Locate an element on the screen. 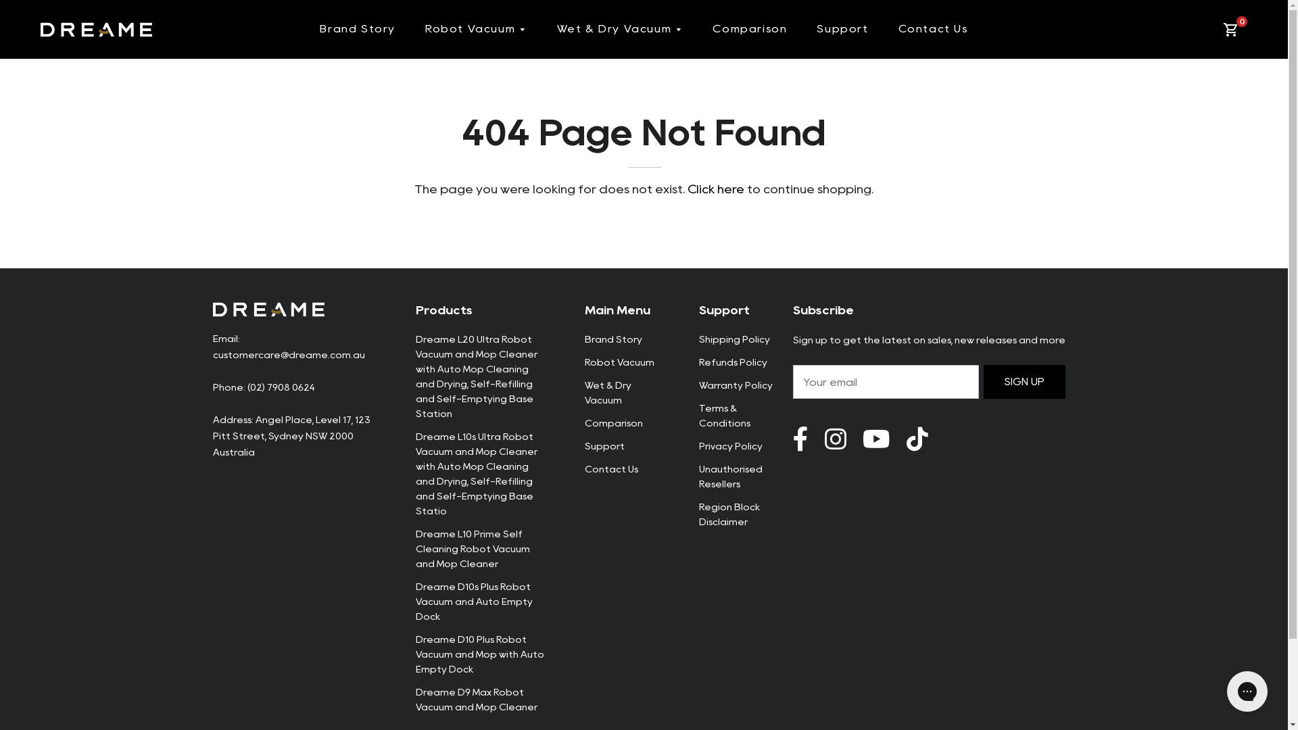 This screenshot has height=730, width=1298. 'Comparison' is located at coordinates (612, 422).